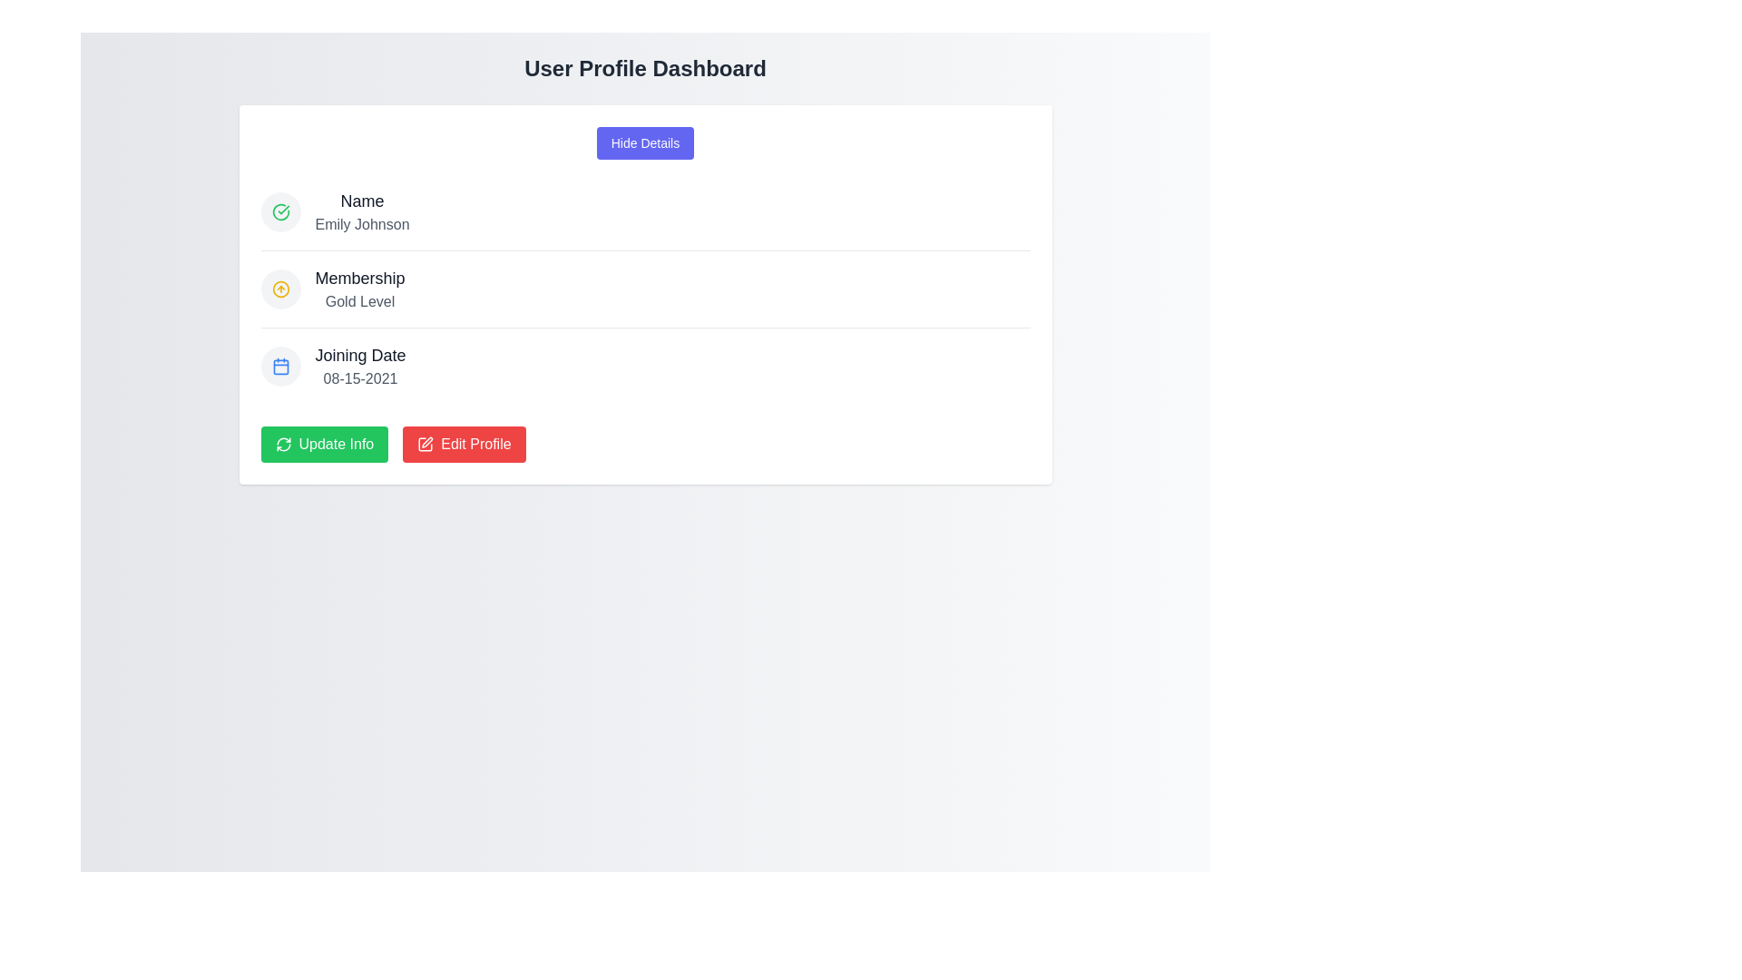 This screenshot has height=980, width=1742. I want to click on the Text Label that describes the user's name, positioned above 'Membership' and 'Joining Date' in the user information panel, so click(362, 201).